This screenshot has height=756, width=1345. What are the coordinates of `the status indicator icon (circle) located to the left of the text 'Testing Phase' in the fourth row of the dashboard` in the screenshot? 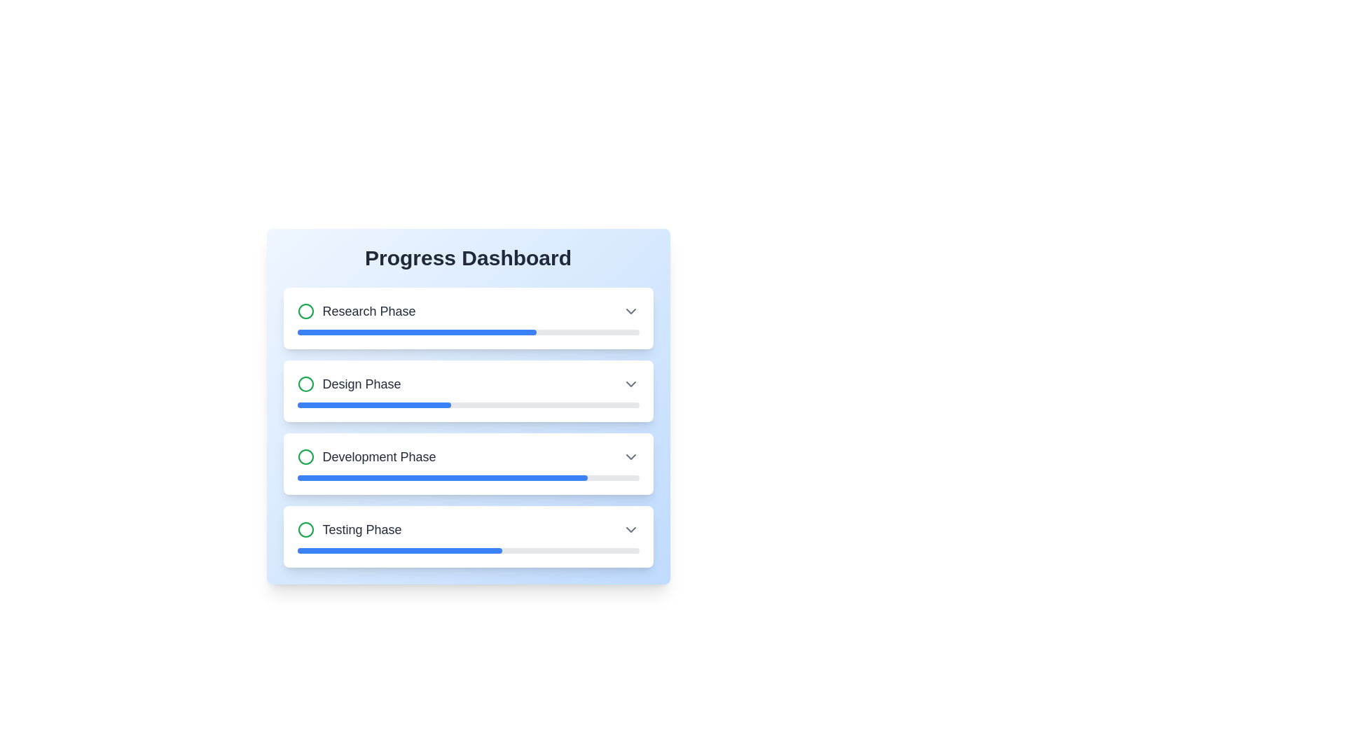 It's located at (305, 529).